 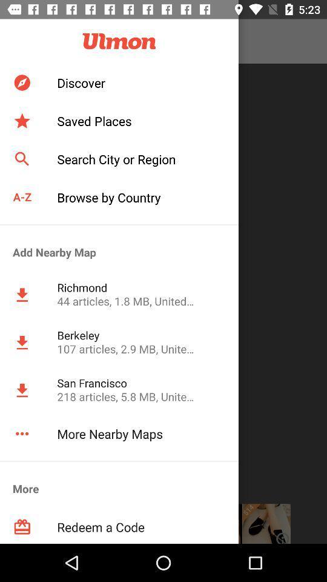 What do you see at coordinates (22, 433) in the screenshot?
I see `the three dots button above the more on the web page` at bounding box center [22, 433].